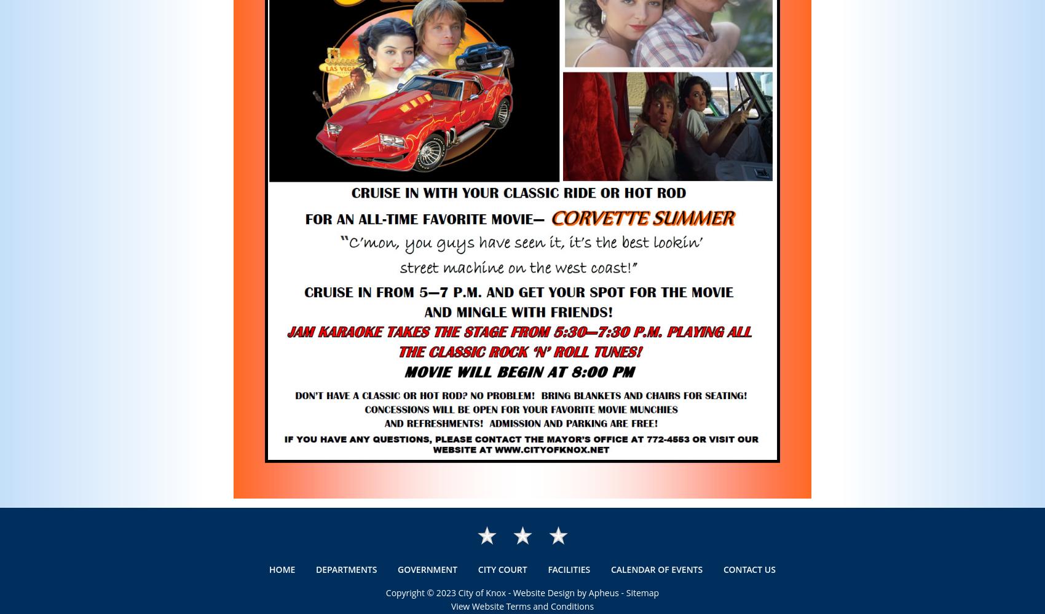 This screenshot has height=614, width=1045. I want to click on 'Departments', so click(345, 569).